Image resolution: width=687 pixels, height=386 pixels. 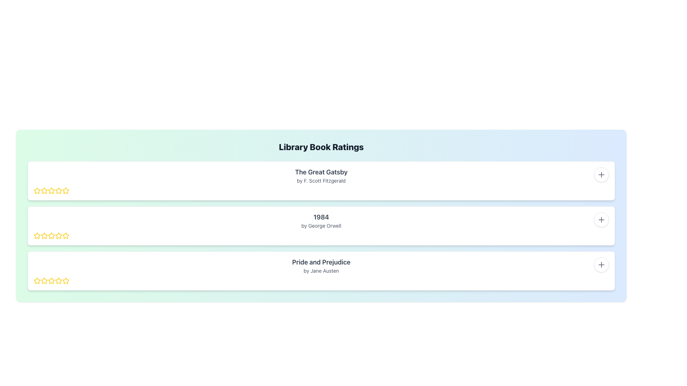 What do you see at coordinates (37, 236) in the screenshot?
I see `the first star icon in the rating system for the book '1984' by George Orwell` at bounding box center [37, 236].